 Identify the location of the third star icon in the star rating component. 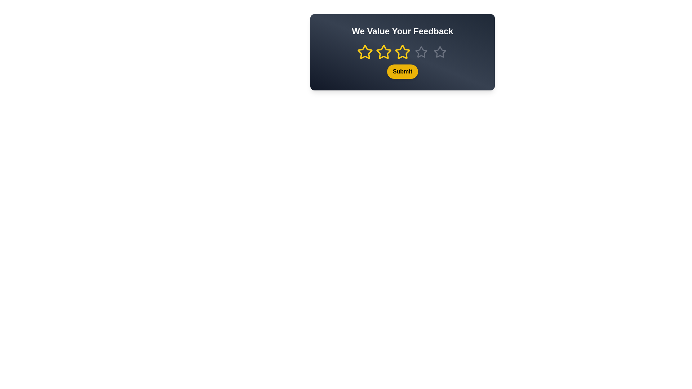
(402, 52).